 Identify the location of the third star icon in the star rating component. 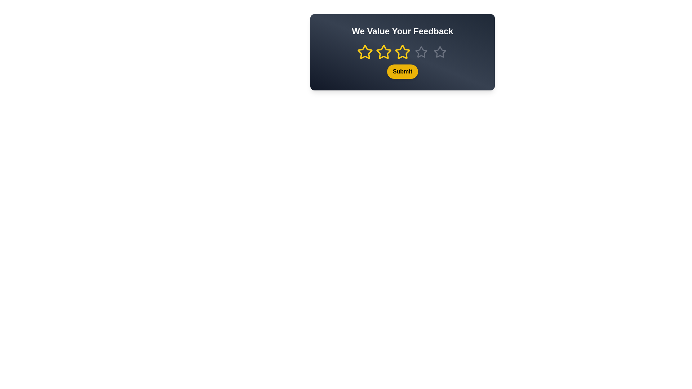
(402, 52).